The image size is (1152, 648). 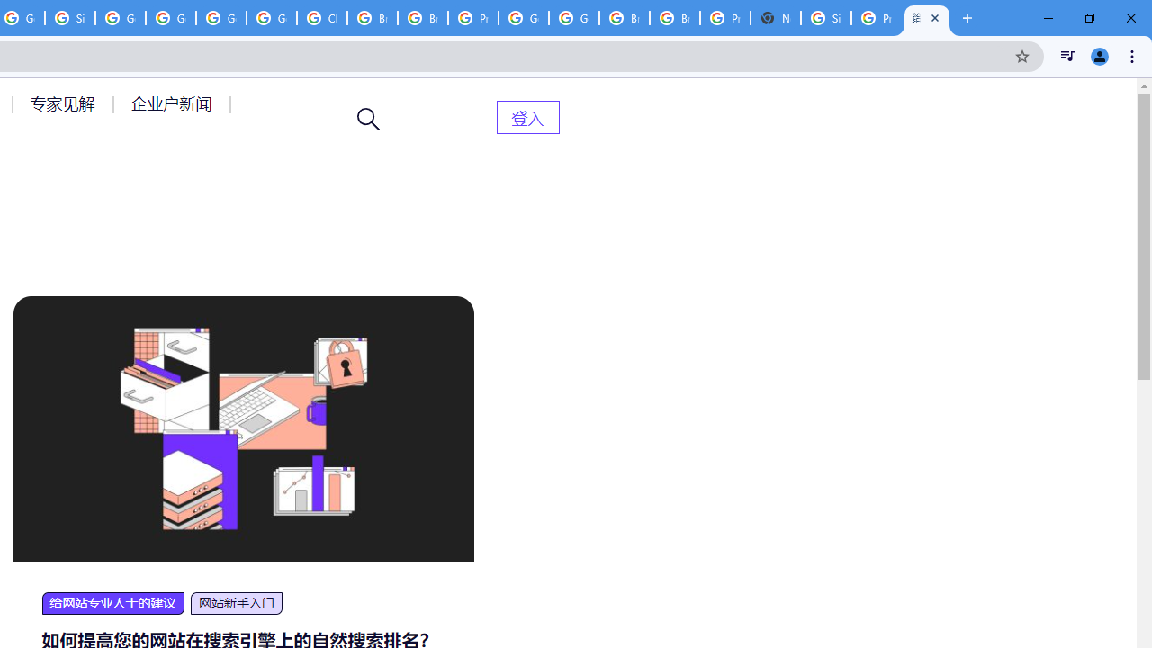 I want to click on 'Google Cloud Platform', so click(x=573, y=18).